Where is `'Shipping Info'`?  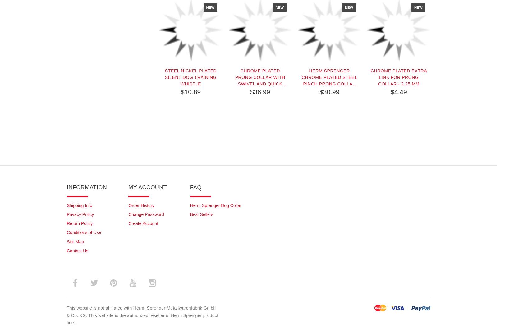 'Shipping Info' is located at coordinates (79, 205).